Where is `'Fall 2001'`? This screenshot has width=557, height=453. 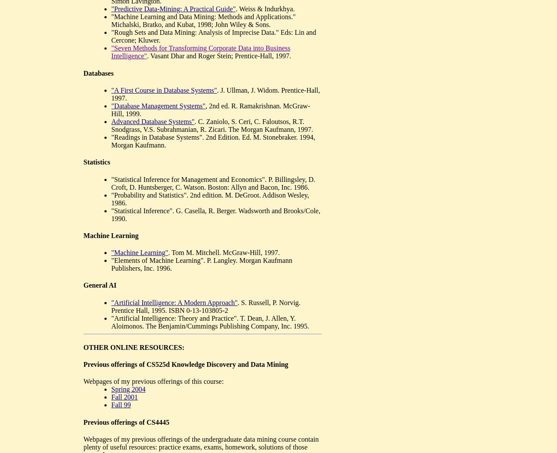
'Fall 2001' is located at coordinates (110, 396).